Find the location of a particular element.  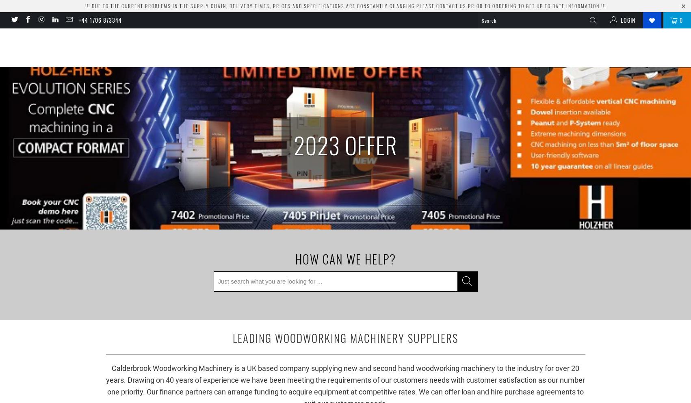

'Leading Woodworking Machinery Suppliers' is located at coordinates (345, 337).